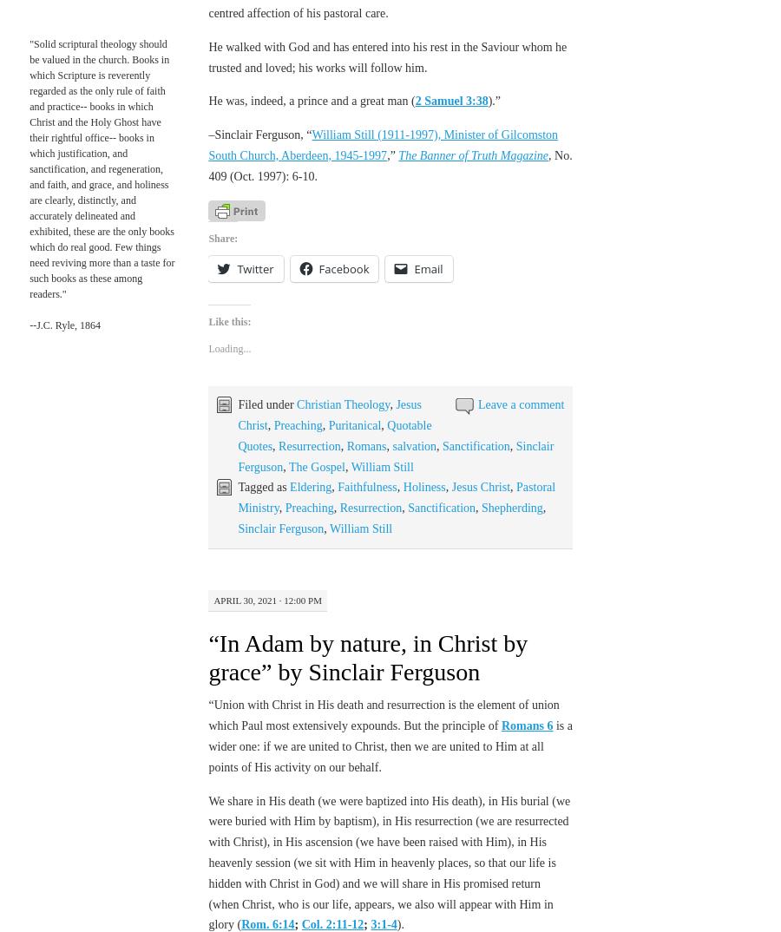 The width and height of the screenshot is (781, 932). What do you see at coordinates (521, 404) in the screenshot?
I see `'Leave a comment'` at bounding box center [521, 404].